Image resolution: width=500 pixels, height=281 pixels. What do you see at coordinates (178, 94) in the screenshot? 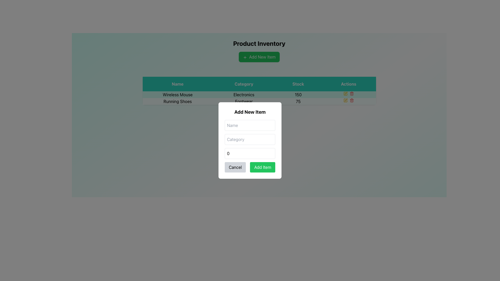
I see `the text label displaying 'Wireless Mouse' in the 'Name' column of the first row of the data grid, positioned to the left of the 'Electronics' category value` at bounding box center [178, 94].